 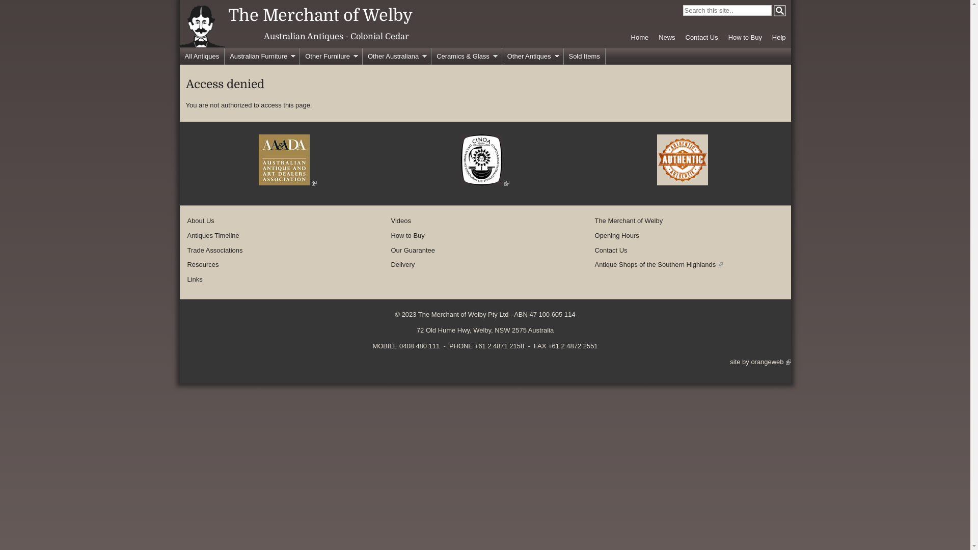 What do you see at coordinates (460, 182) in the screenshot?
I see `'(link is external)'` at bounding box center [460, 182].